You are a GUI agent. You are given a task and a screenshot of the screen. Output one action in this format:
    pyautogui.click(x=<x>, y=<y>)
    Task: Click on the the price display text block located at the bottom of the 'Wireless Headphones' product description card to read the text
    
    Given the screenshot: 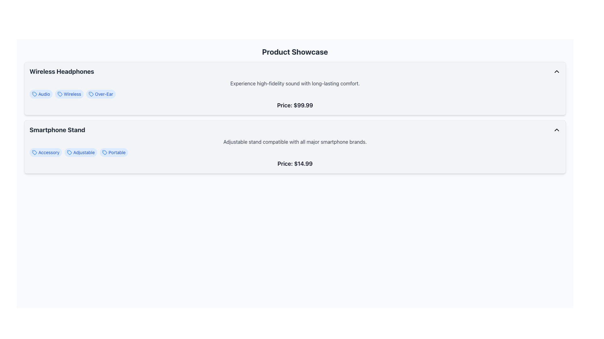 What is the action you would take?
    pyautogui.click(x=294, y=105)
    